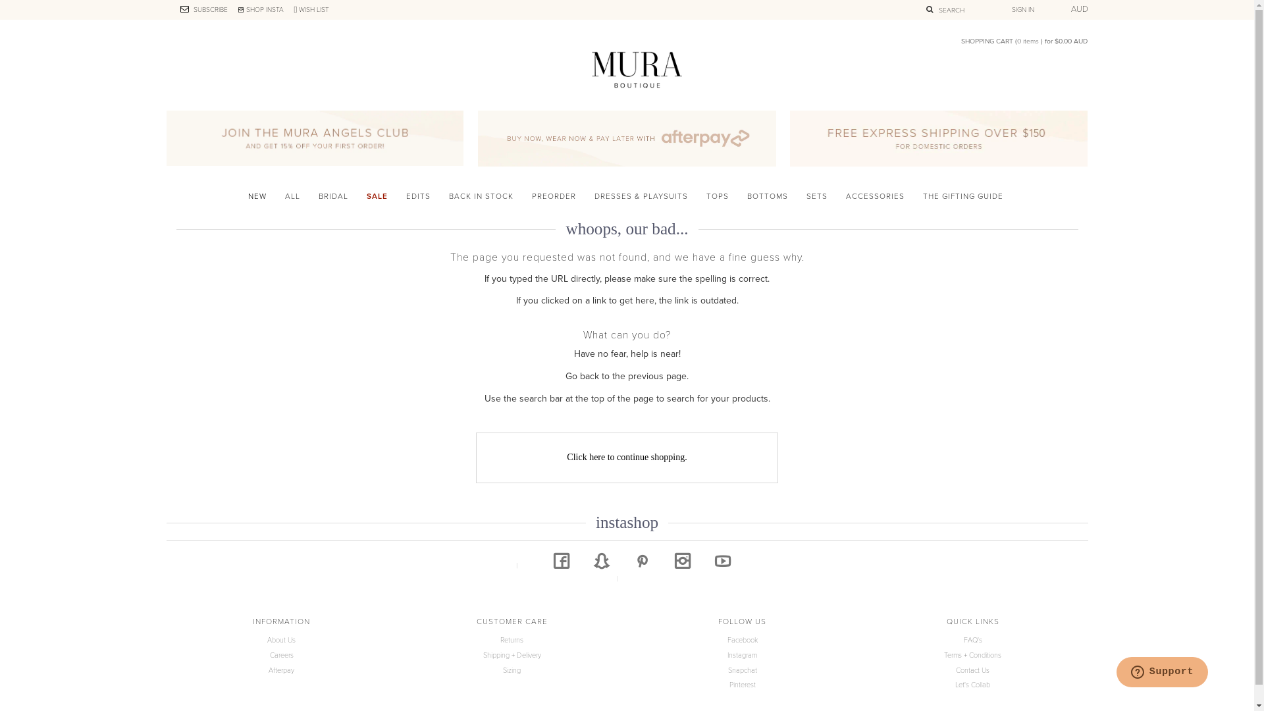 This screenshot has height=711, width=1264. I want to click on 'SEARCH', so click(951, 10).